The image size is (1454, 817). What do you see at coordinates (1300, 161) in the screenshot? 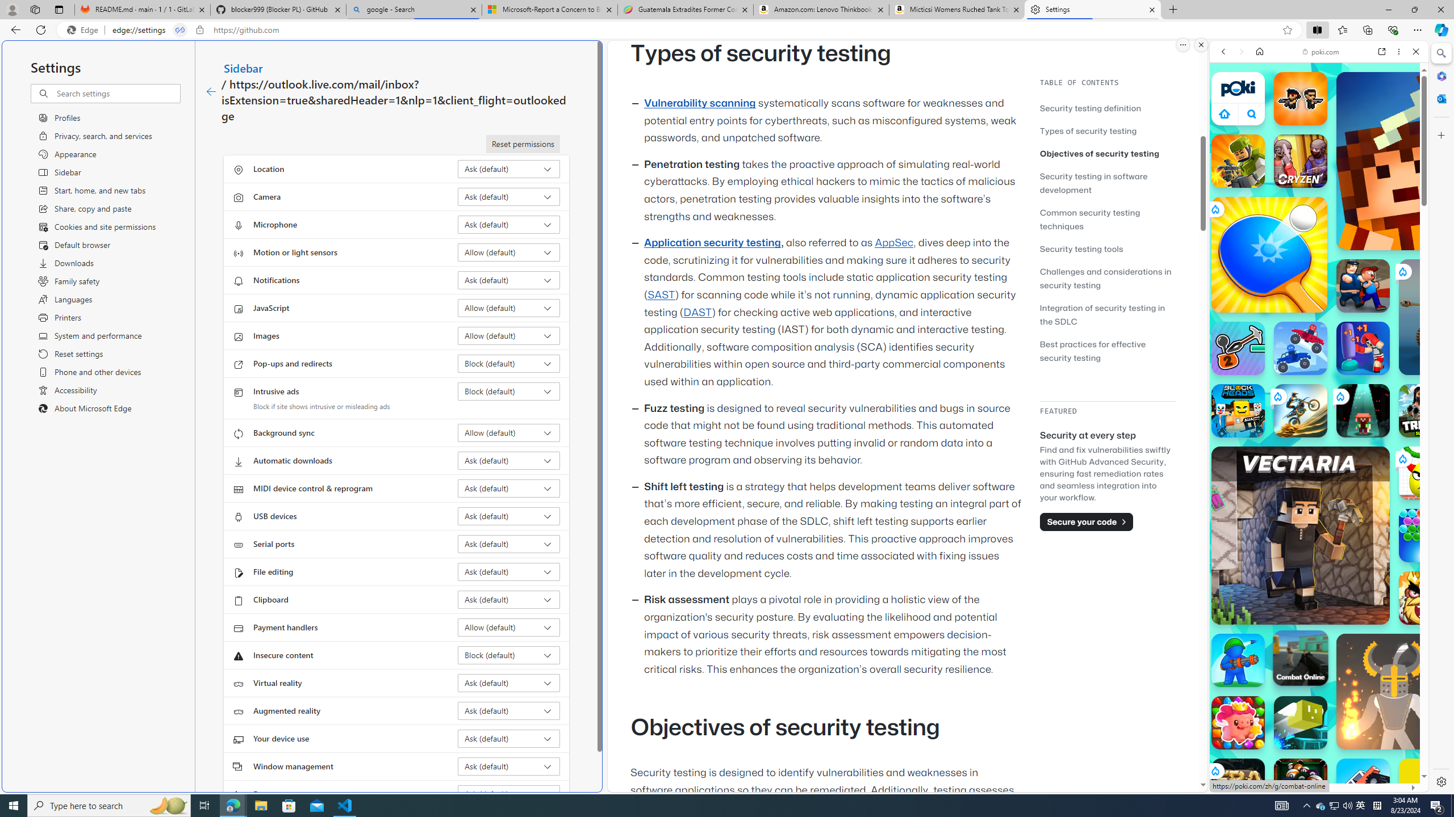
I see `'Cryzen.io'` at bounding box center [1300, 161].